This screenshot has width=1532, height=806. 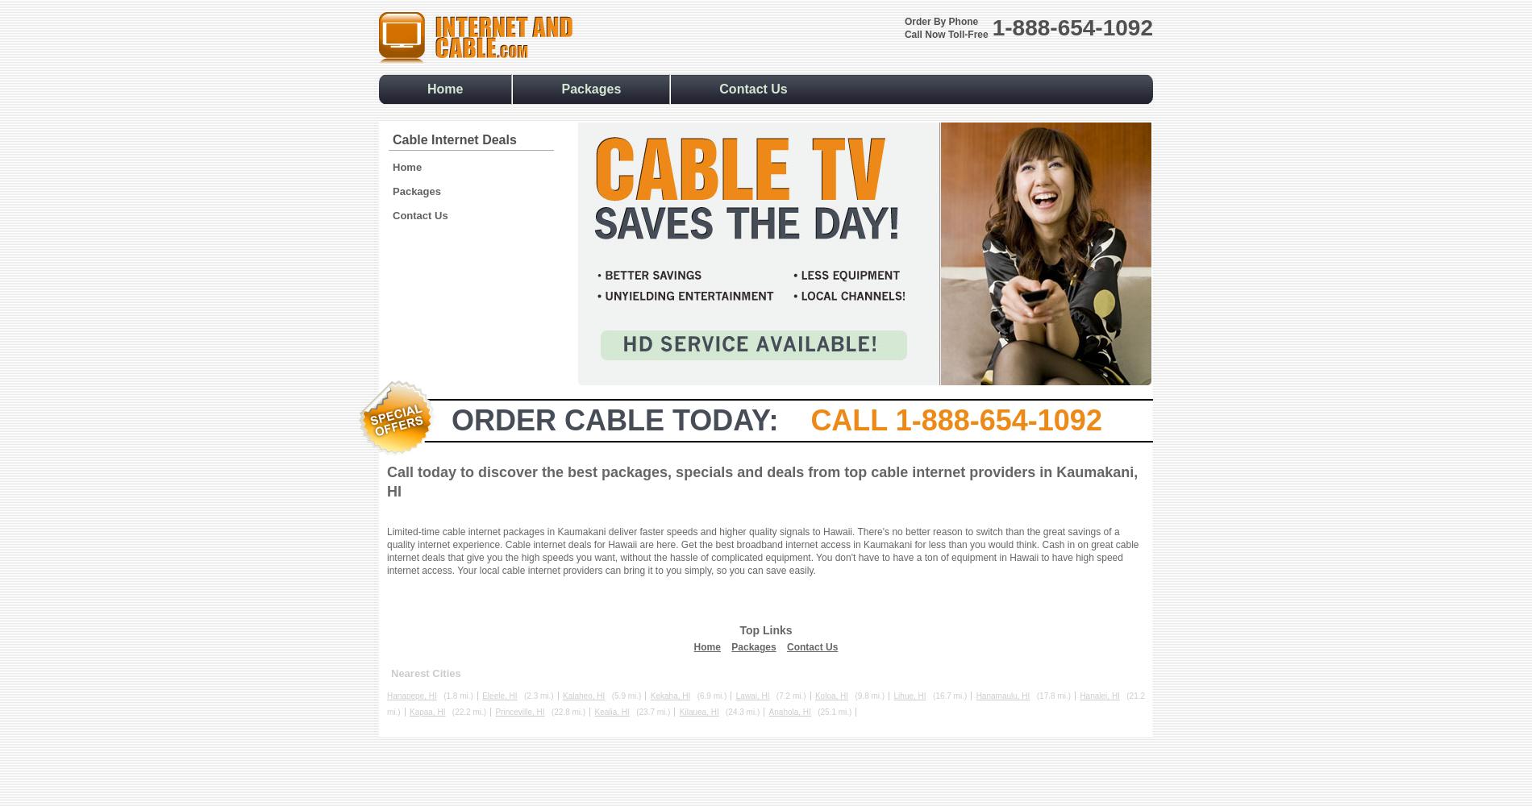 I want to click on 'Lawai, HI', so click(x=751, y=695).